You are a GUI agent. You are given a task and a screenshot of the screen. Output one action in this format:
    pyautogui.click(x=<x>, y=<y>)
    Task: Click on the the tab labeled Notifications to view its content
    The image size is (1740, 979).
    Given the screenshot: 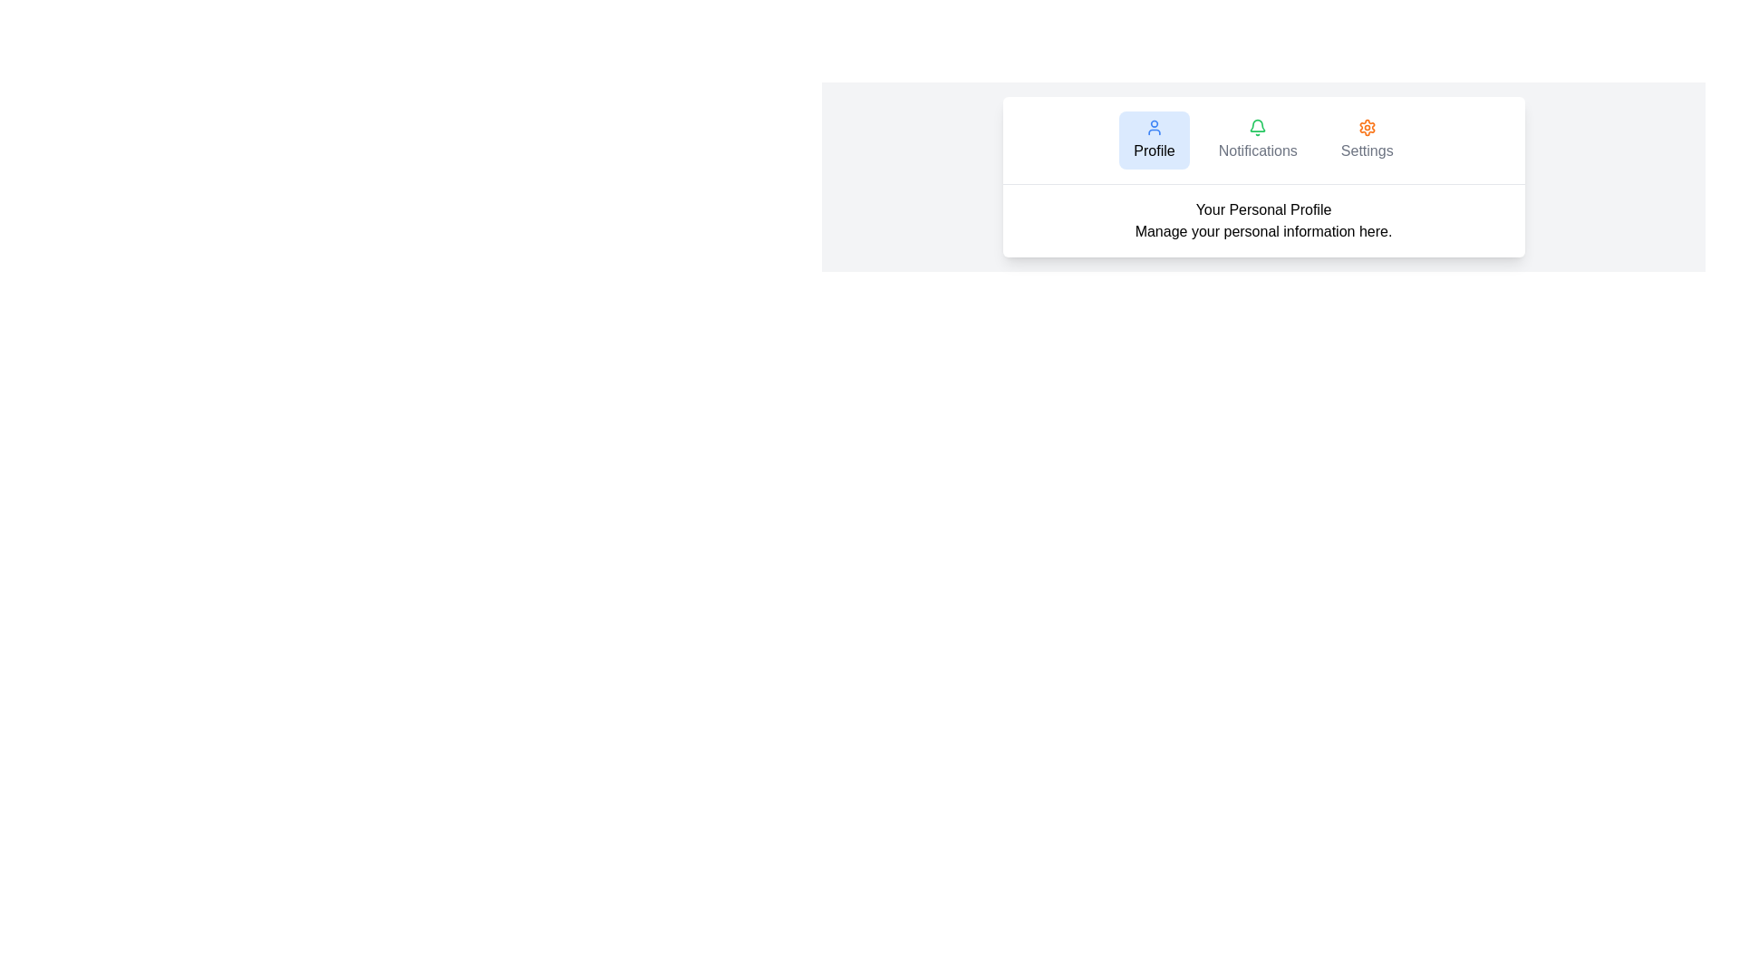 What is the action you would take?
    pyautogui.click(x=1257, y=139)
    